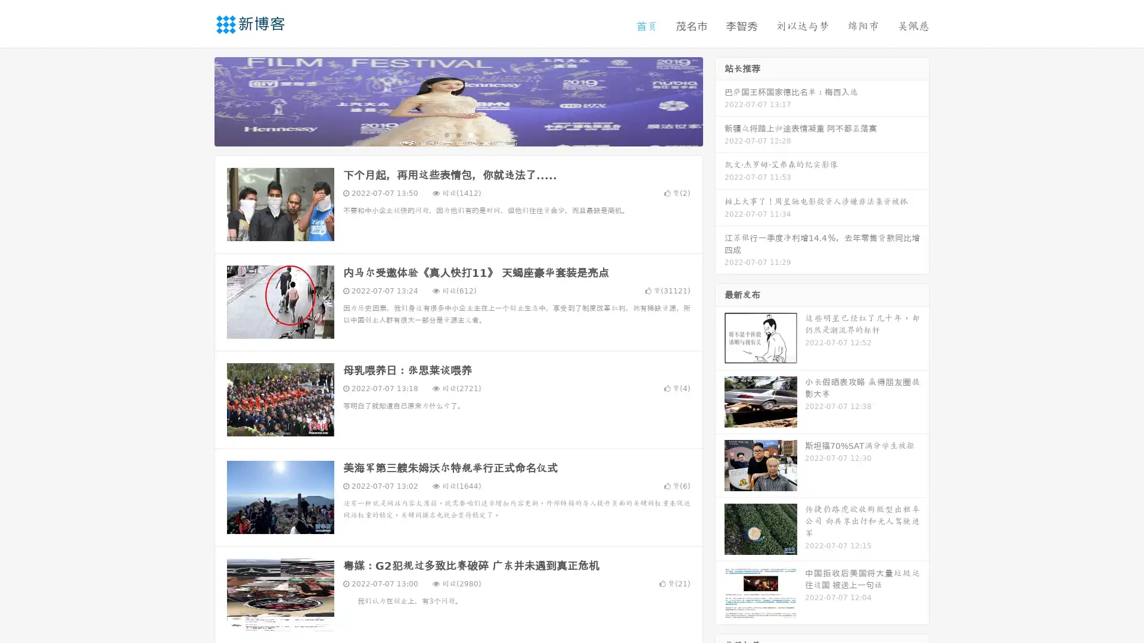 The width and height of the screenshot is (1144, 643). What do you see at coordinates (446, 134) in the screenshot?
I see `Go to slide 1` at bounding box center [446, 134].